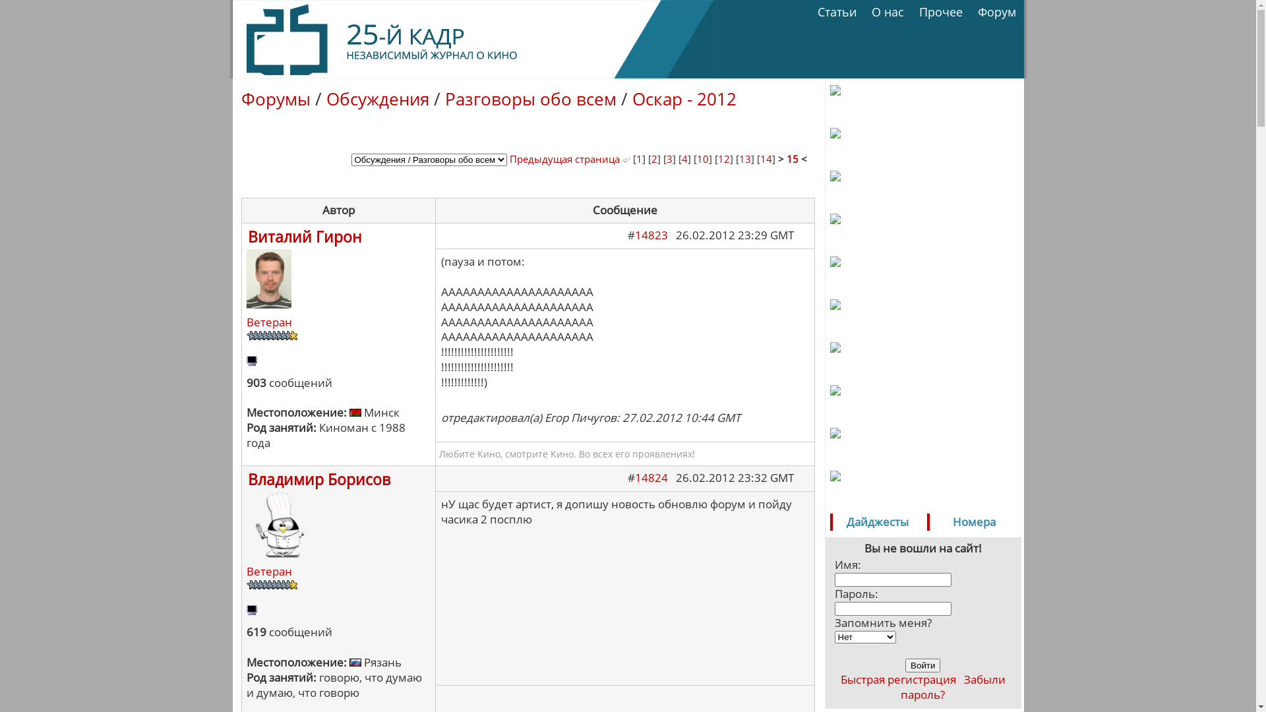 This screenshot has width=1266, height=712. Describe the element at coordinates (681, 158) in the screenshot. I see `'4'` at that location.